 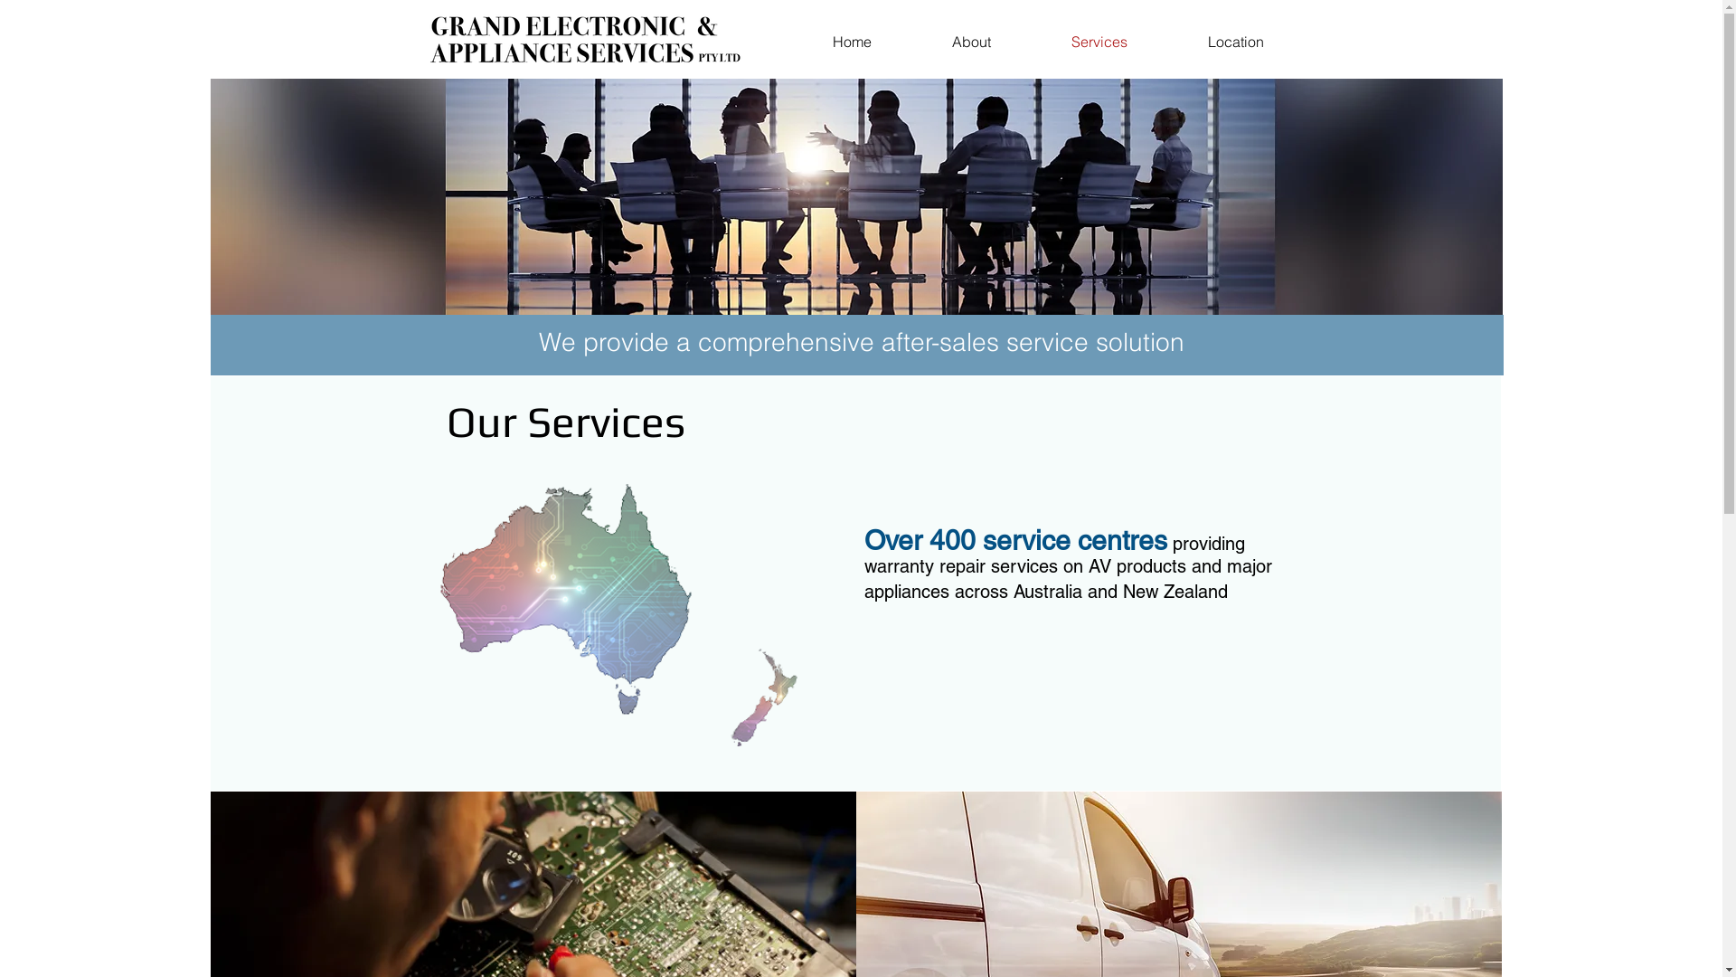 I want to click on 'About', so click(x=970, y=41).